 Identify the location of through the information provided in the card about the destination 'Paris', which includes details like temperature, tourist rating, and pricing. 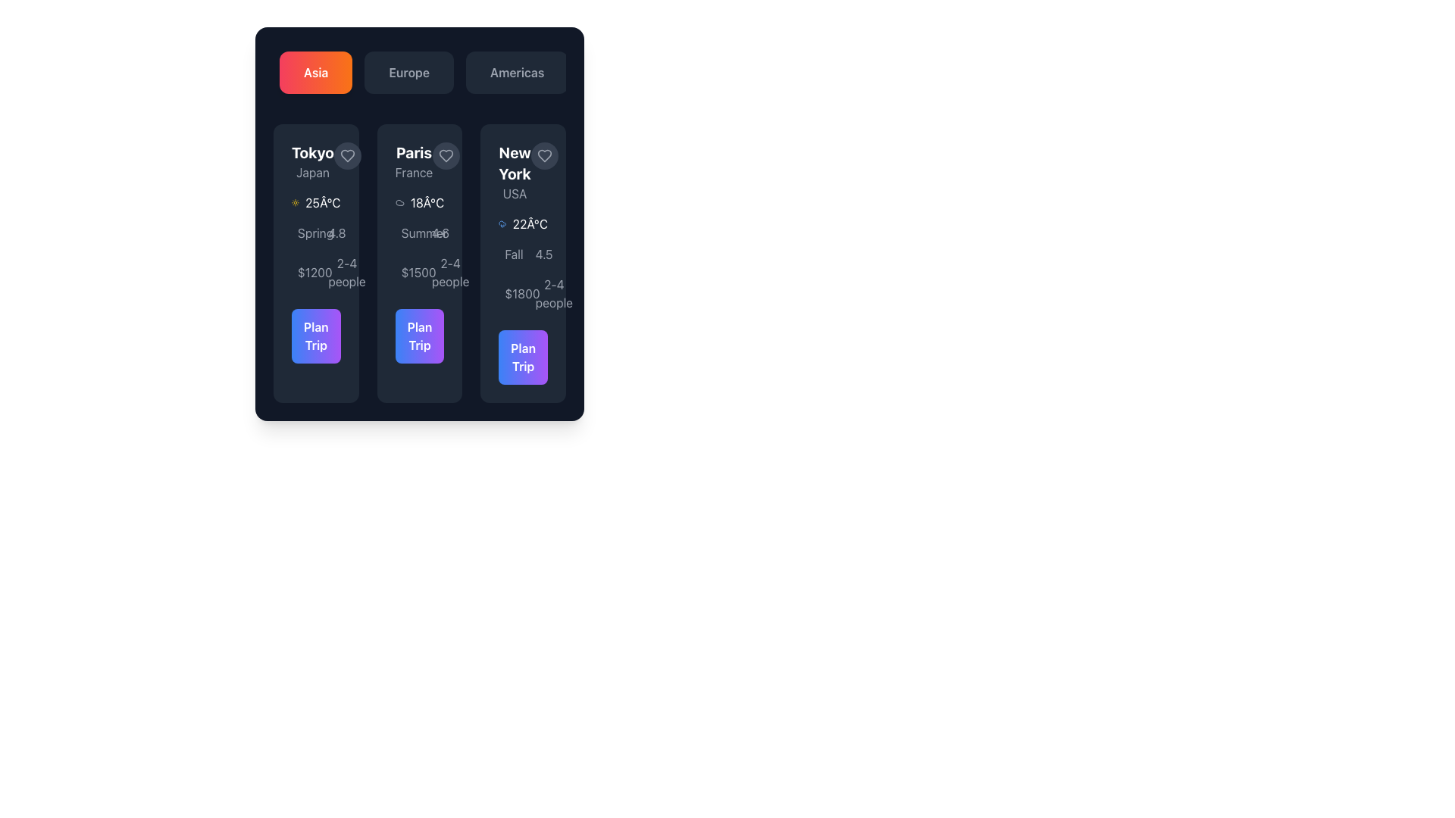
(419, 262).